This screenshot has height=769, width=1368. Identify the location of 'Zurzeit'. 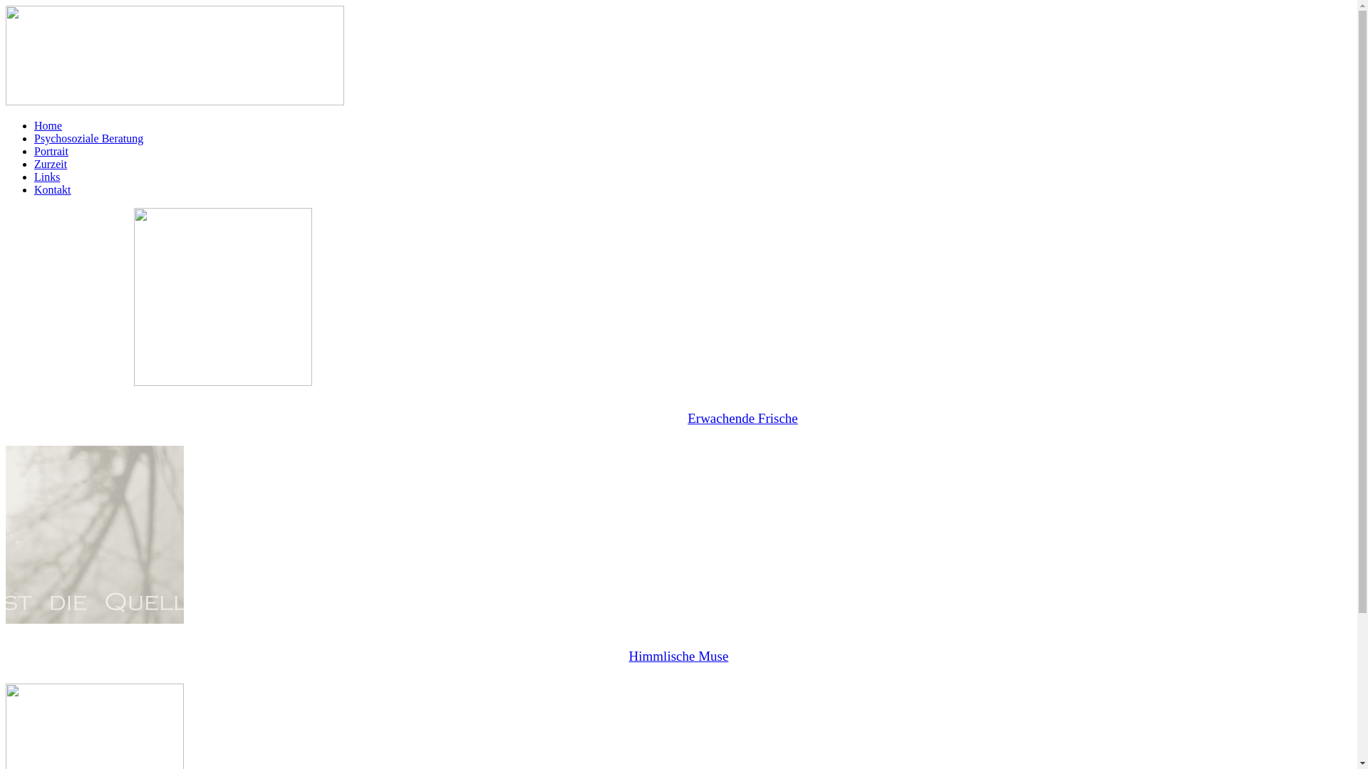
(51, 163).